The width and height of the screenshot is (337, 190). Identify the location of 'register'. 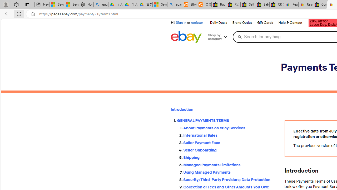
(197, 22).